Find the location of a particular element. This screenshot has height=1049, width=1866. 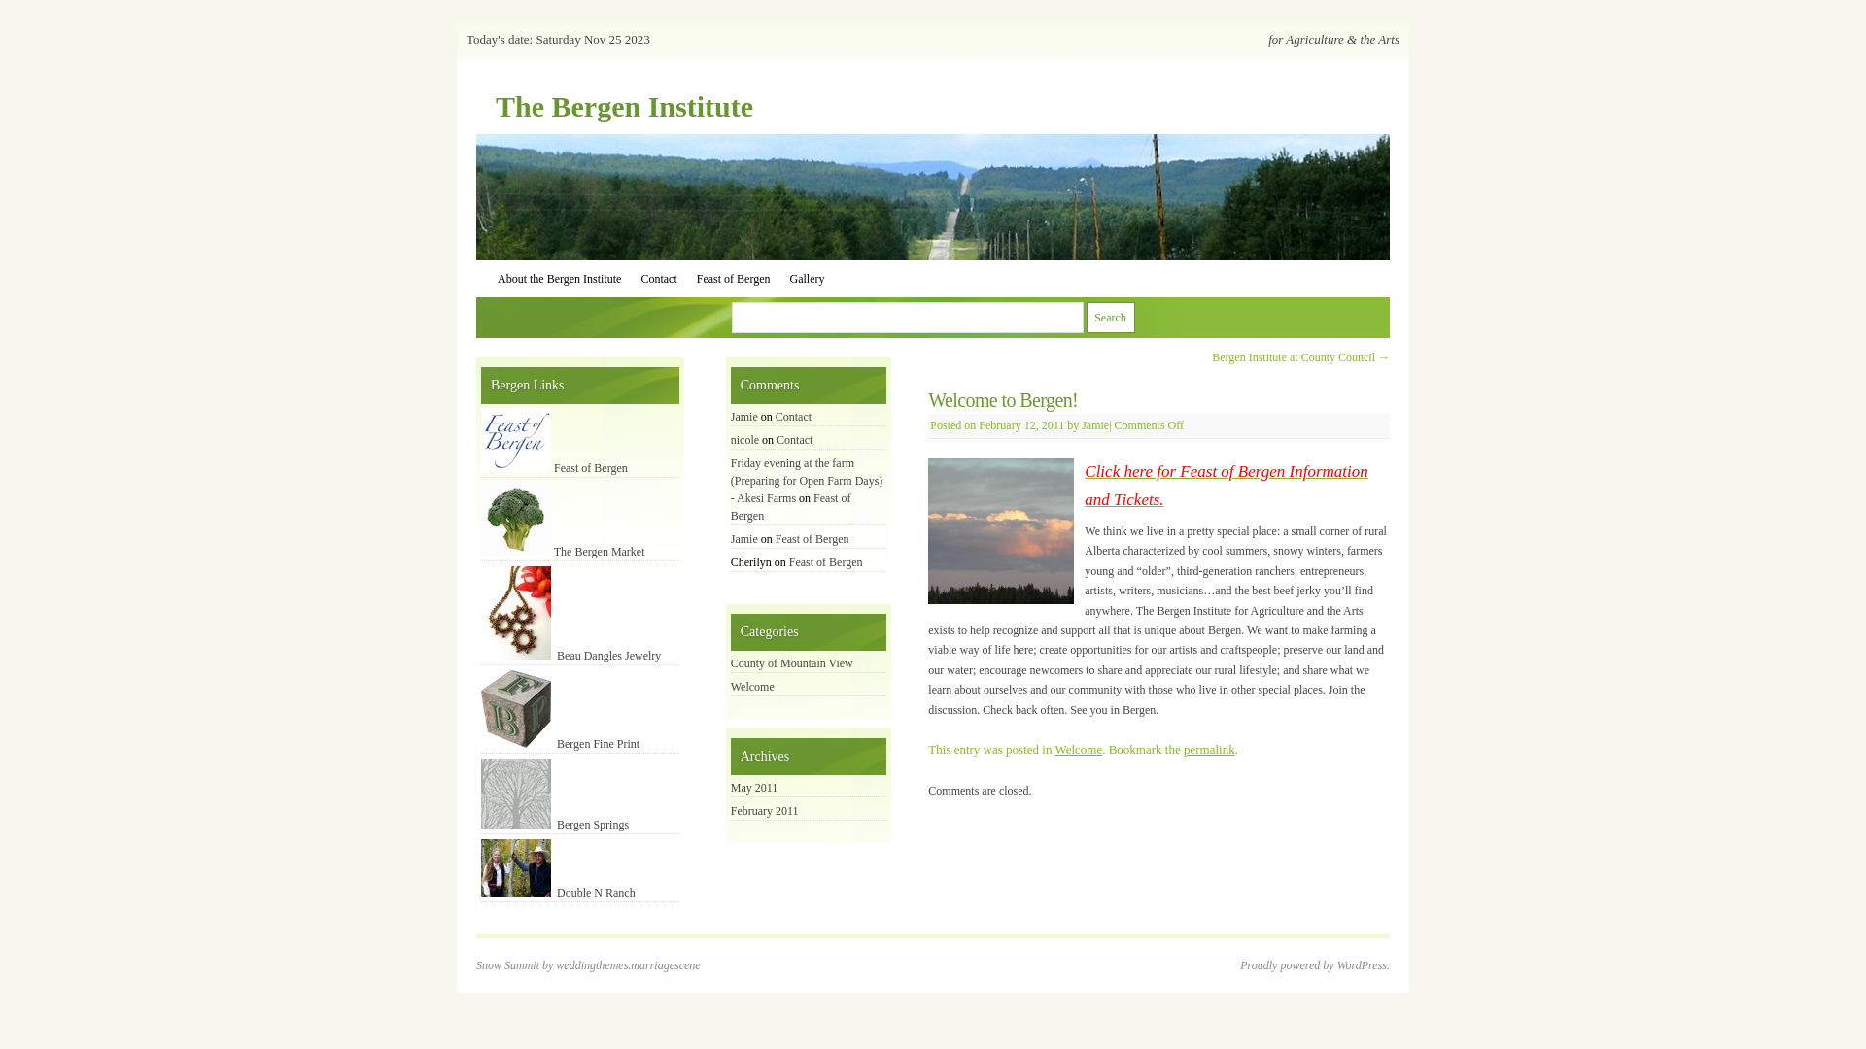

'February 2011' is located at coordinates (764, 810).